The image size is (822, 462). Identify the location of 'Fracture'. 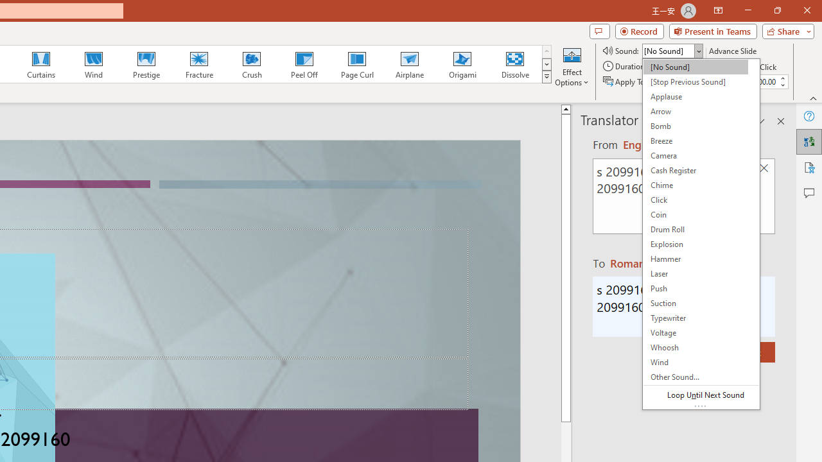
(198, 64).